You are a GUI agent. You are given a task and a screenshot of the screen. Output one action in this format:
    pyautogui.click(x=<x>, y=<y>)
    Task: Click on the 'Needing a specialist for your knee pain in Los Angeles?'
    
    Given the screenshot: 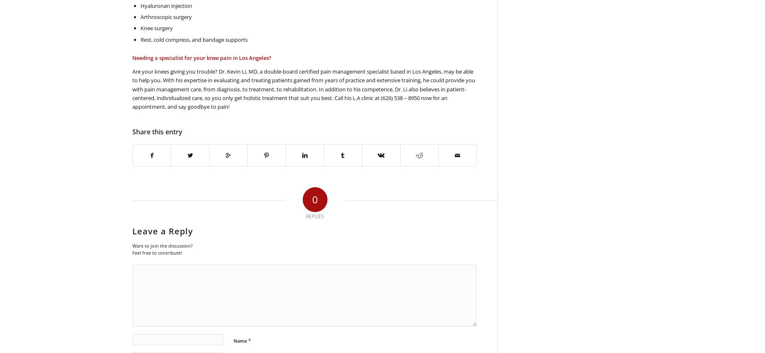 What is the action you would take?
    pyautogui.click(x=202, y=57)
    